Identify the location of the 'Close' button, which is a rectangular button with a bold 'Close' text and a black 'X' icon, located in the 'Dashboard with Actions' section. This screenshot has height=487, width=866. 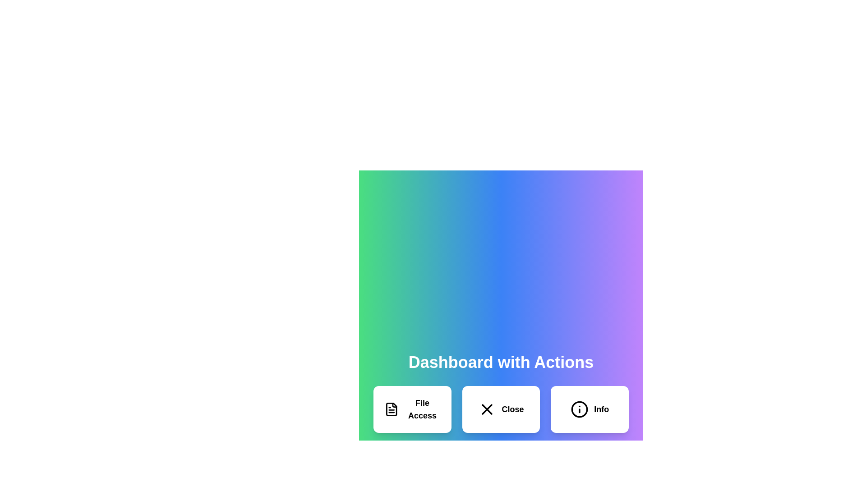
(500, 409).